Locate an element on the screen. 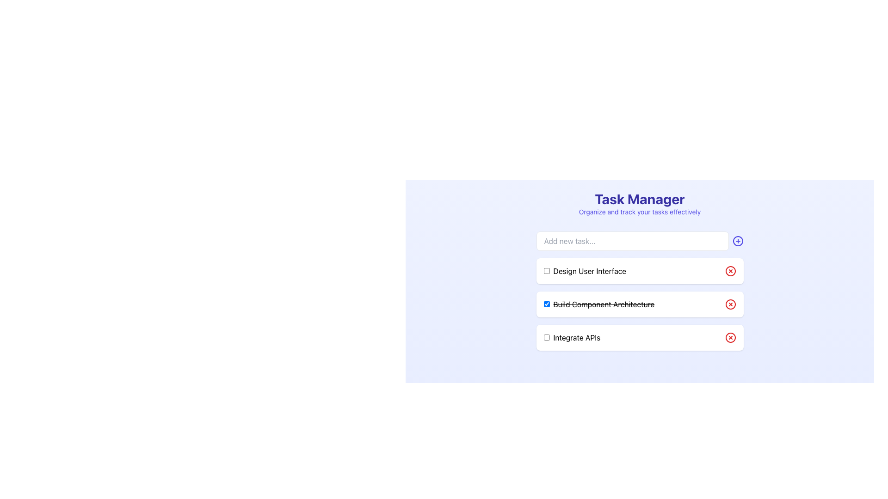 This screenshot has width=888, height=499. the text label displaying 'Integrate APIs', which is positioned to the right of a checkbox in a task manager interface is located at coordinates (571, 338).